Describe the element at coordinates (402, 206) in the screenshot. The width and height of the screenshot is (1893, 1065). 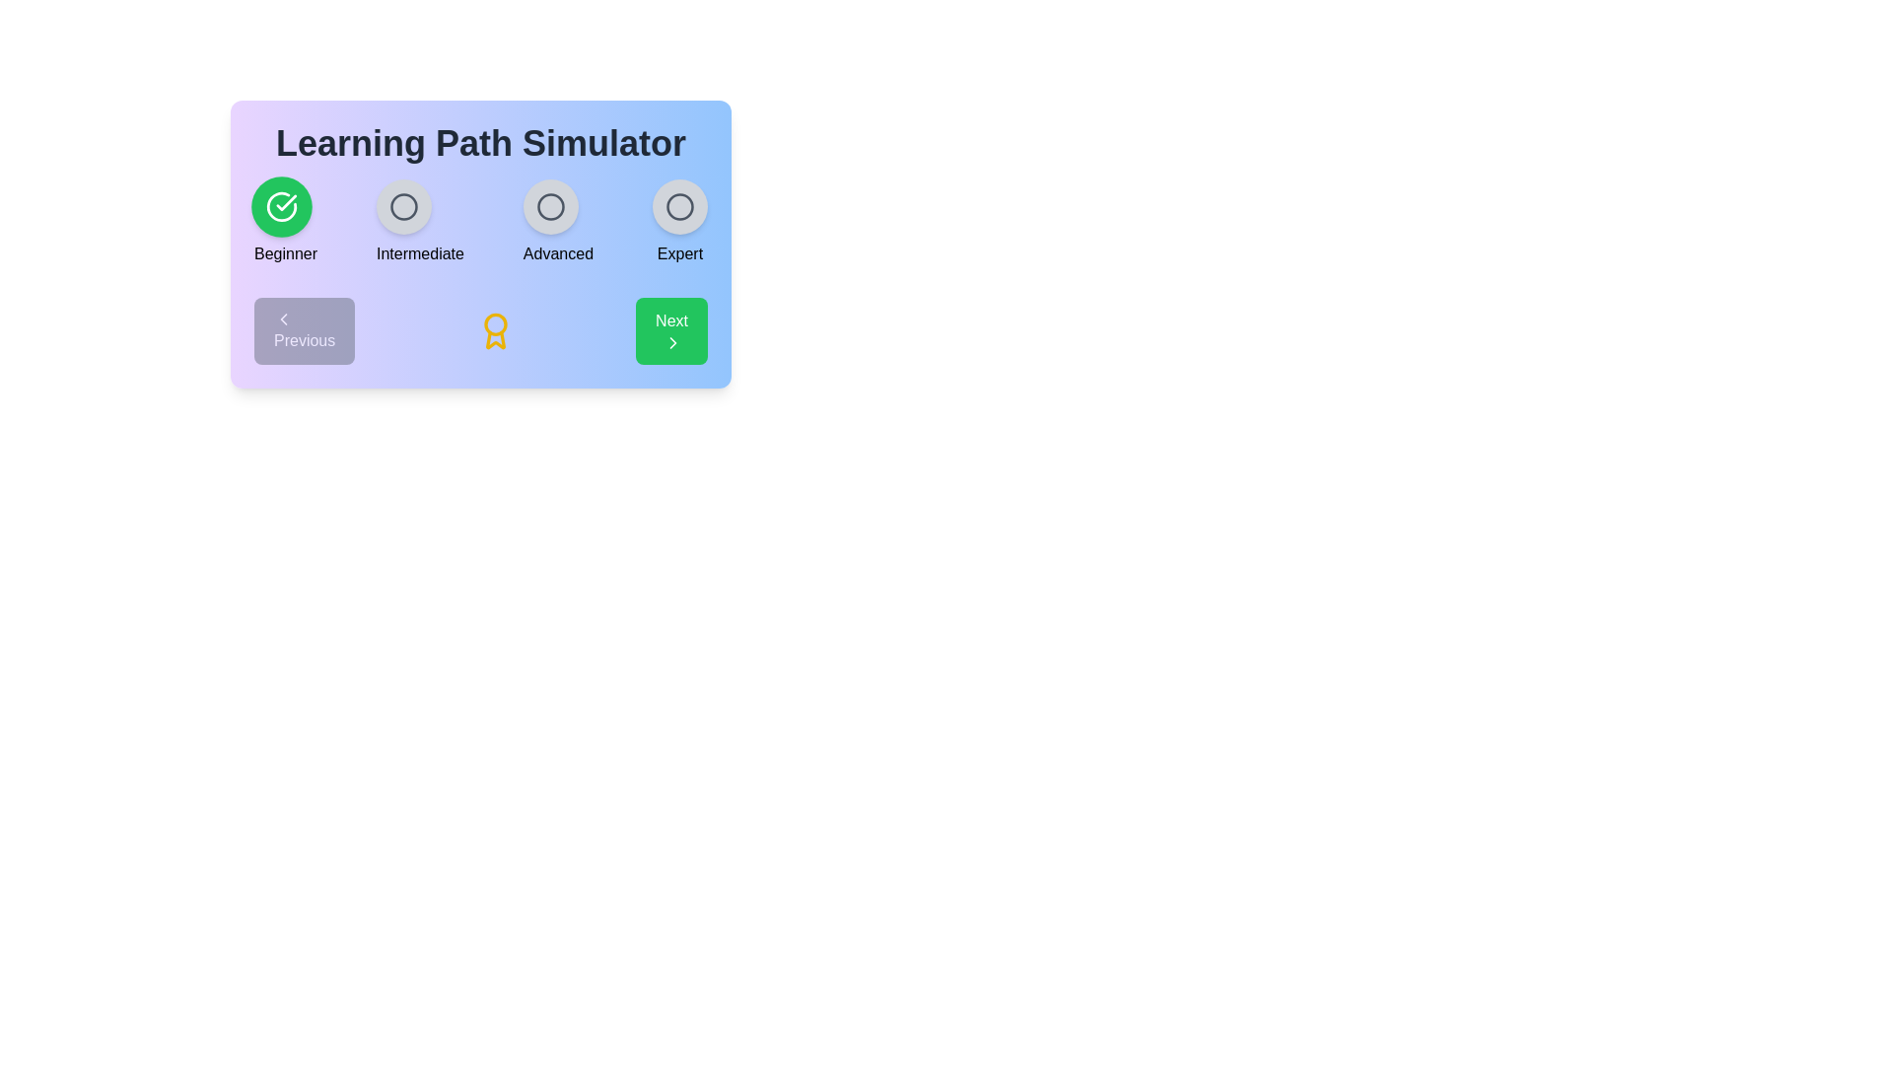
I see `the graphic SVG element resembling a target` at that location.